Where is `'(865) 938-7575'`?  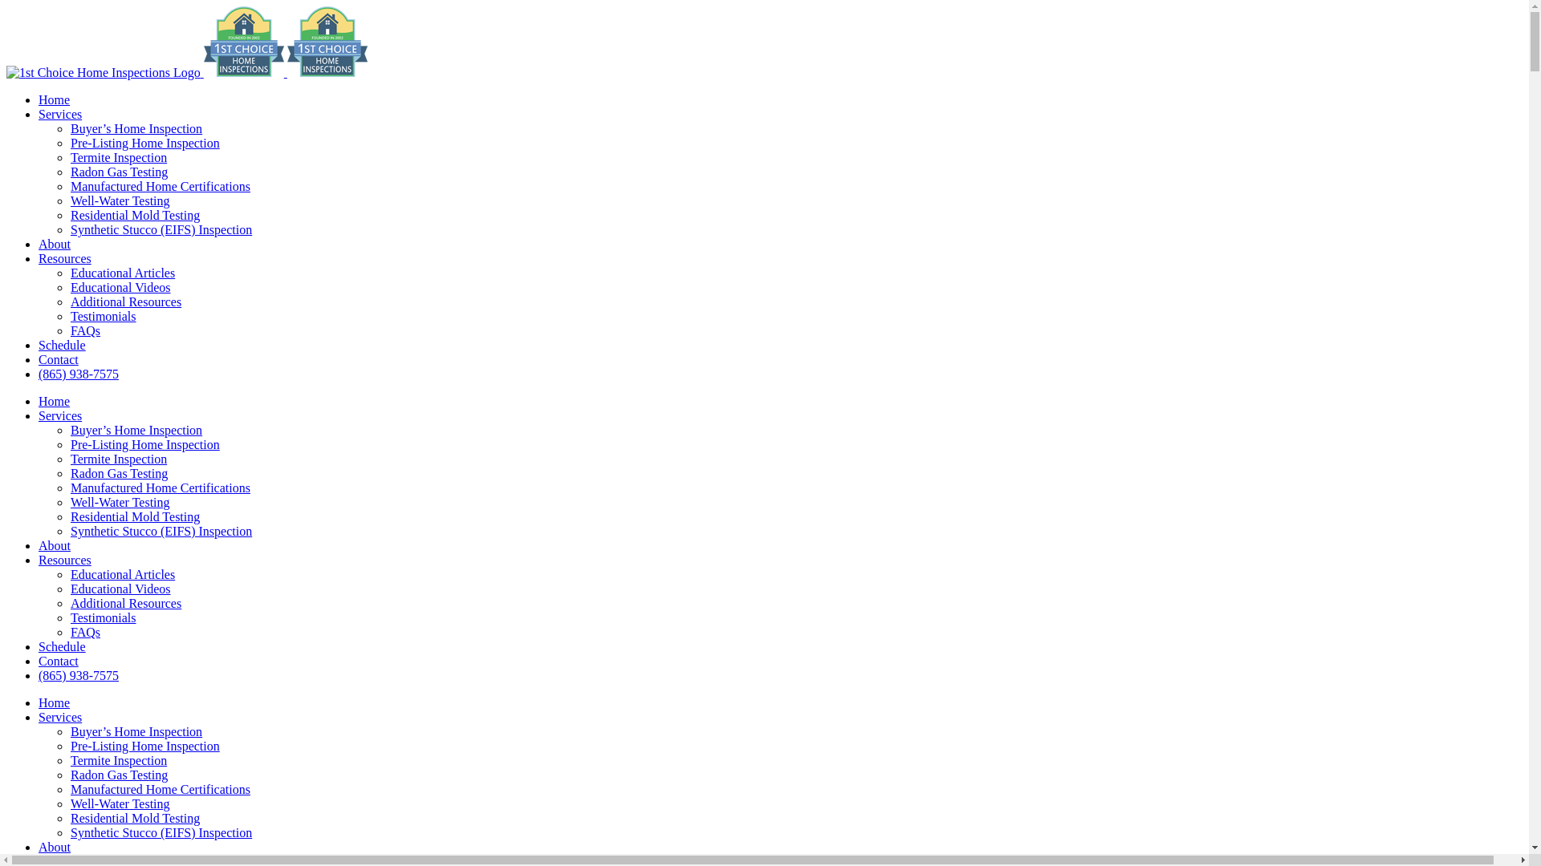
'(865) 938-7575' is located at coordinates (39, 374).